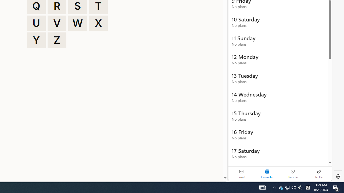 Image resolution: width=344 pixels, height=193 pixels. What do you see at coordinates (77, 23) in the screenshot?
I see `'W'` at bounding box center [77, 23].